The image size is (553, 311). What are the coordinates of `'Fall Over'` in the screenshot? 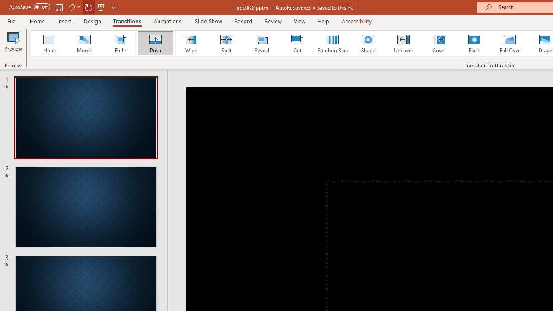 It's located at (510, 43).